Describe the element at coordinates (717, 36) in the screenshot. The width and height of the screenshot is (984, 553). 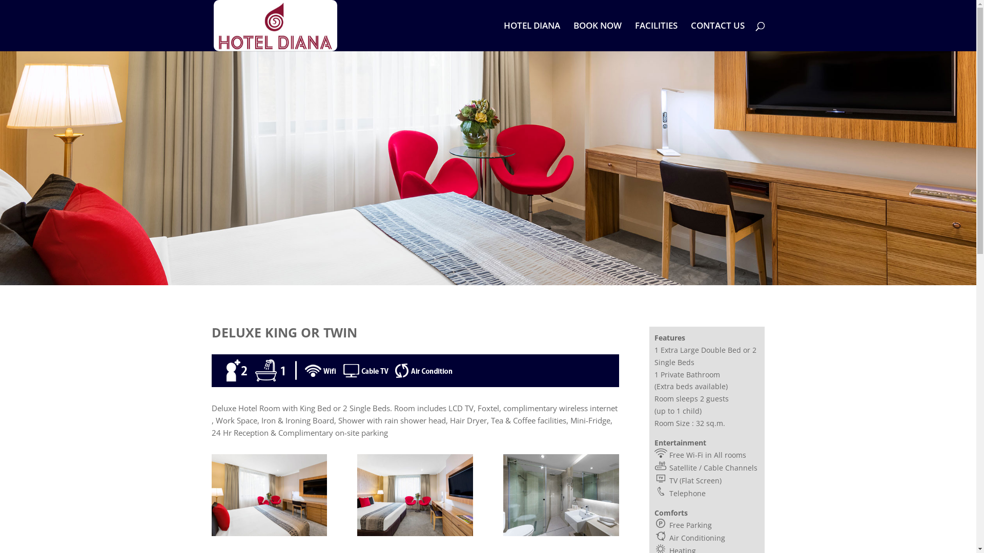
I see `'CONTACT US'` at that location.